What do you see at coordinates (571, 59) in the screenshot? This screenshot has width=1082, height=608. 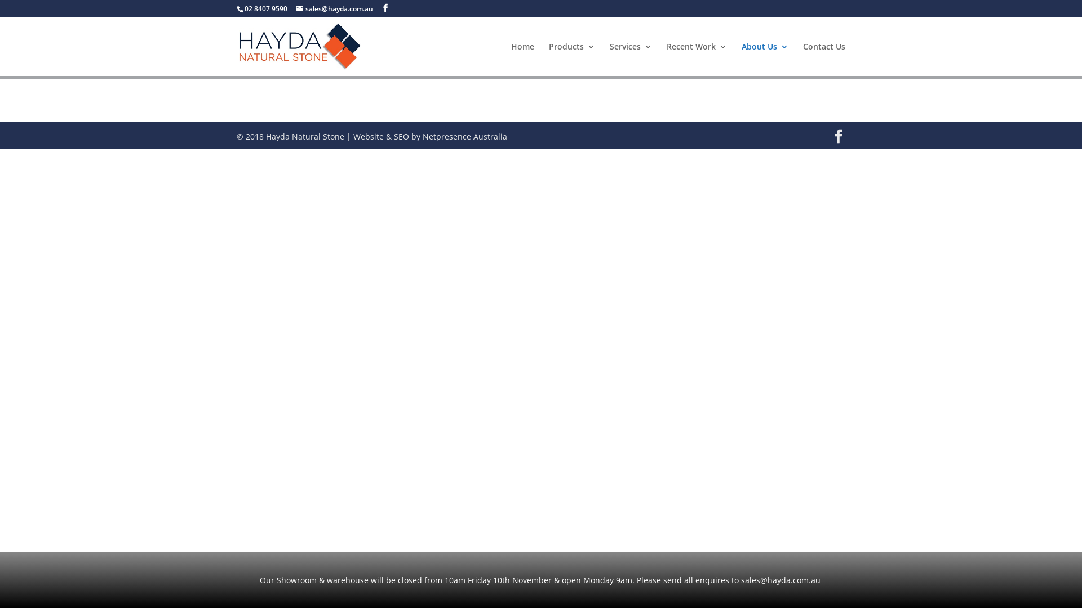 I see `'Products'` at bounding box center [571, 59].